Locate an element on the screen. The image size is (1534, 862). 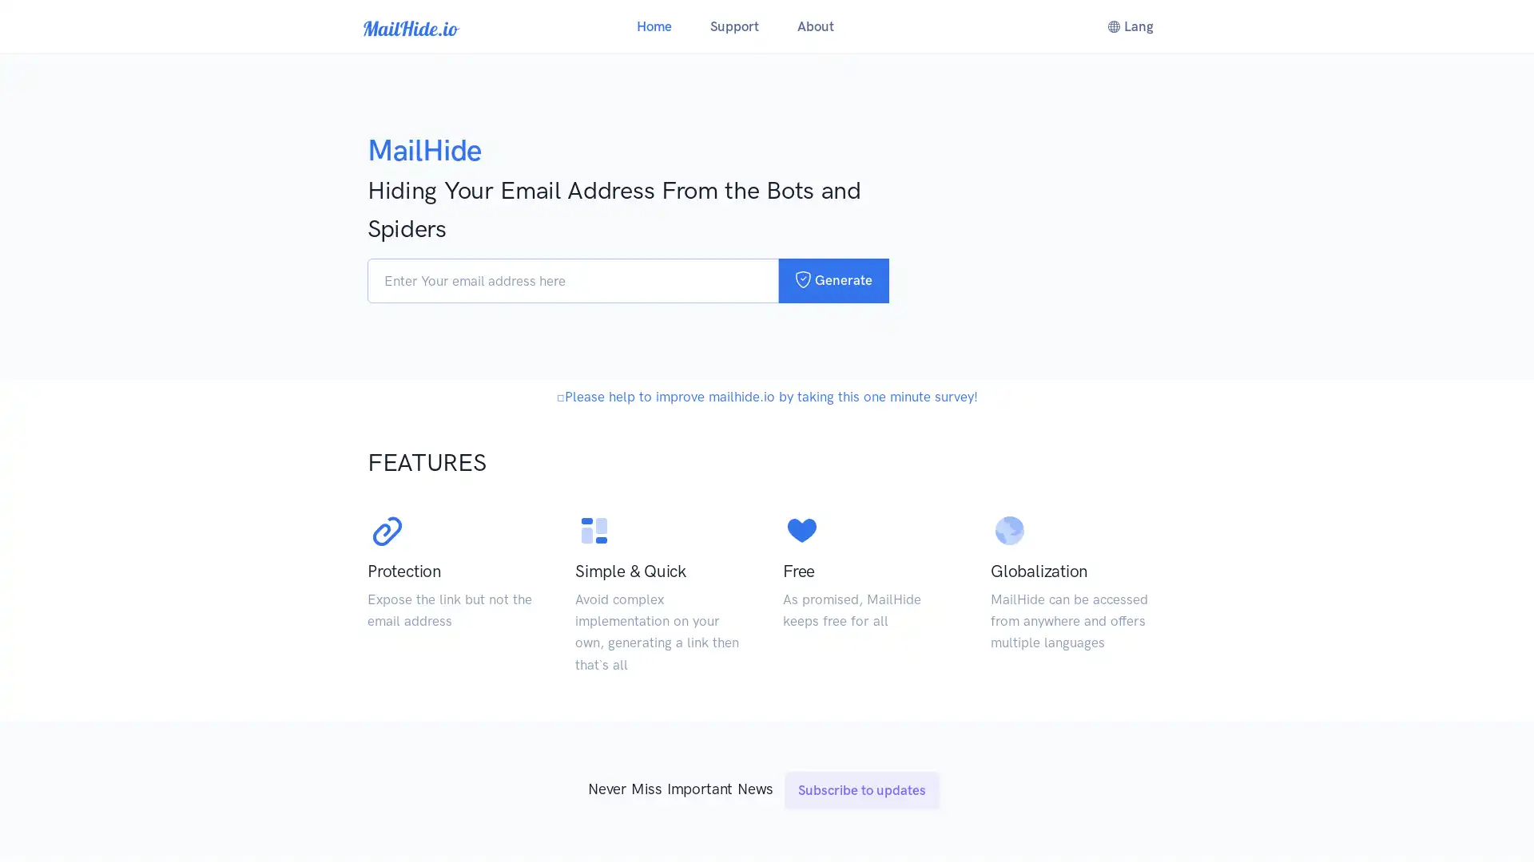
Lang is located at coordinates (1129, 26).